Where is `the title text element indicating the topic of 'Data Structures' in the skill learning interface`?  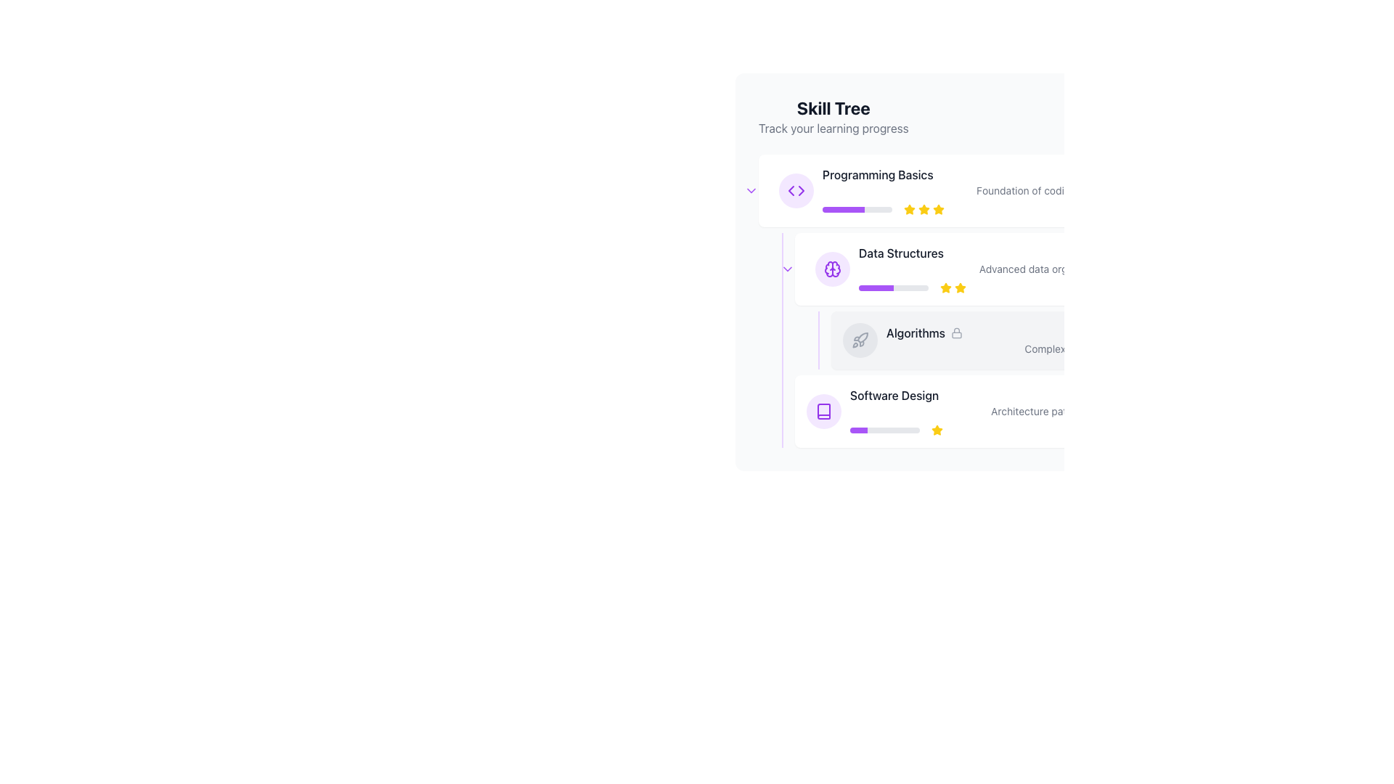
the title text element indicating the topic of 'Data Structures' in the skill learning interface is located at coordinates (1043, 252).